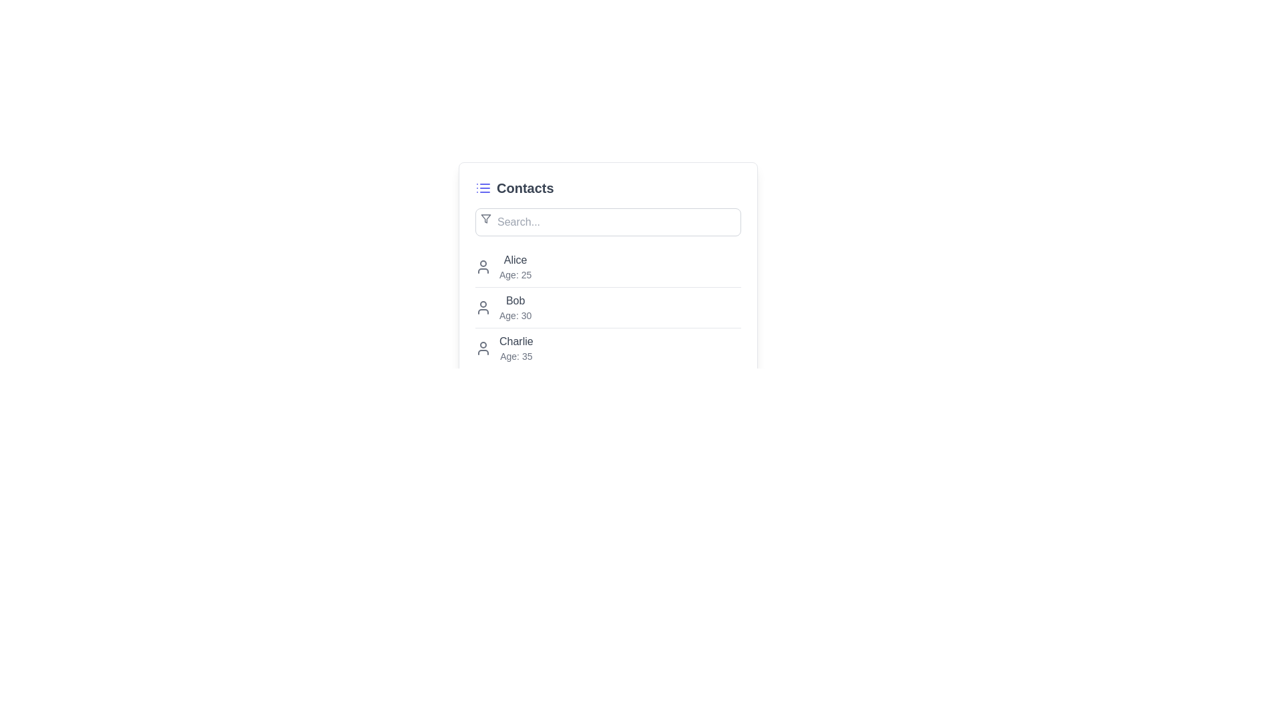 The image size is (1282, 721). What do you see at coordinates (515, 308) in the screenshot?
I see `the Text display component showing 'Bob' and 'Age: 30'` at bounding box center [515, 308].